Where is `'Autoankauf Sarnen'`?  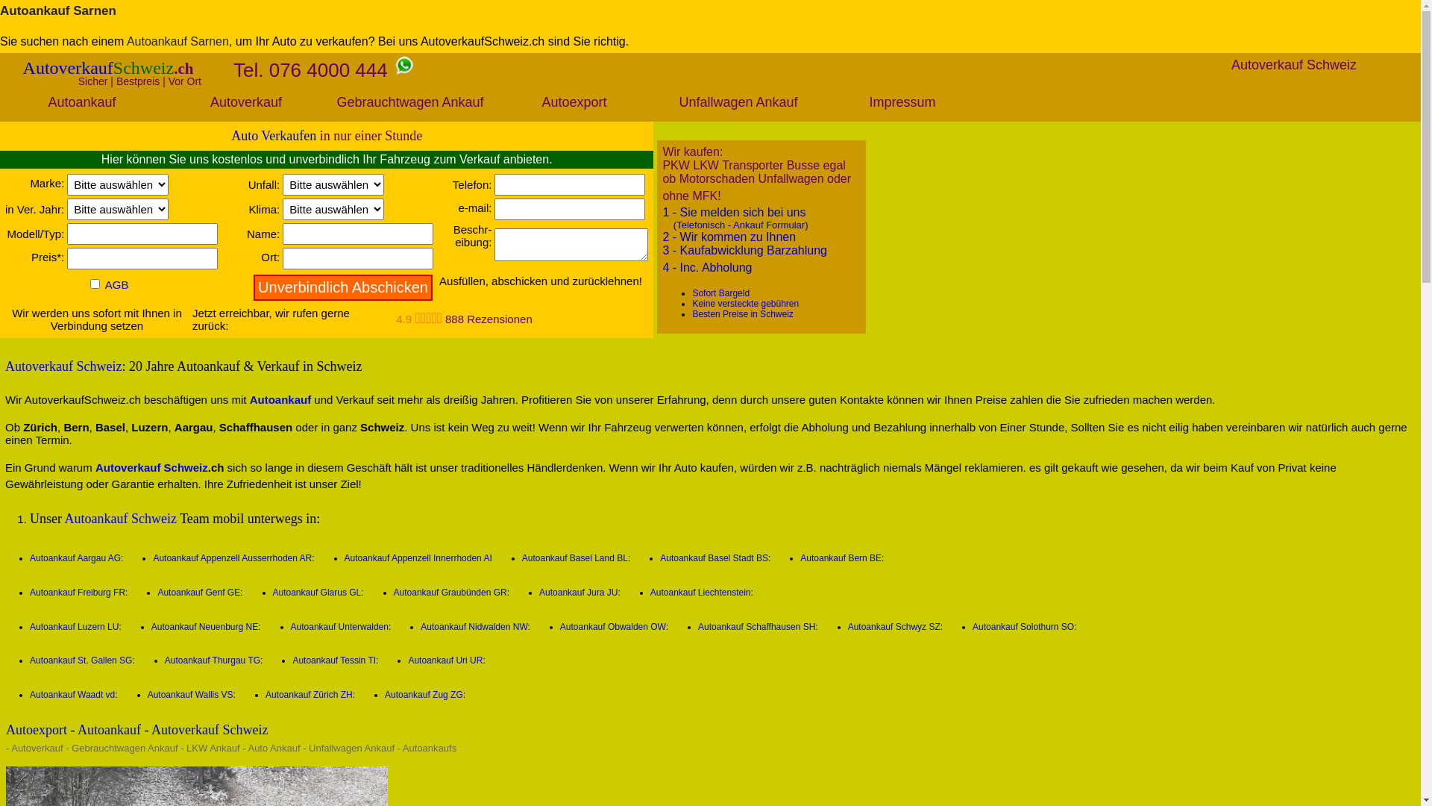 'Autoankauf Sarnen' is located at coordinates (178, 40).